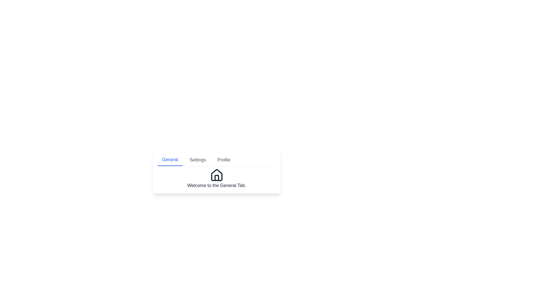  What do you see at coordinates (216, 175) in the screenshot?
I see `the house icon, which represents the 'home' functionality` at bounding box center [216, 175].